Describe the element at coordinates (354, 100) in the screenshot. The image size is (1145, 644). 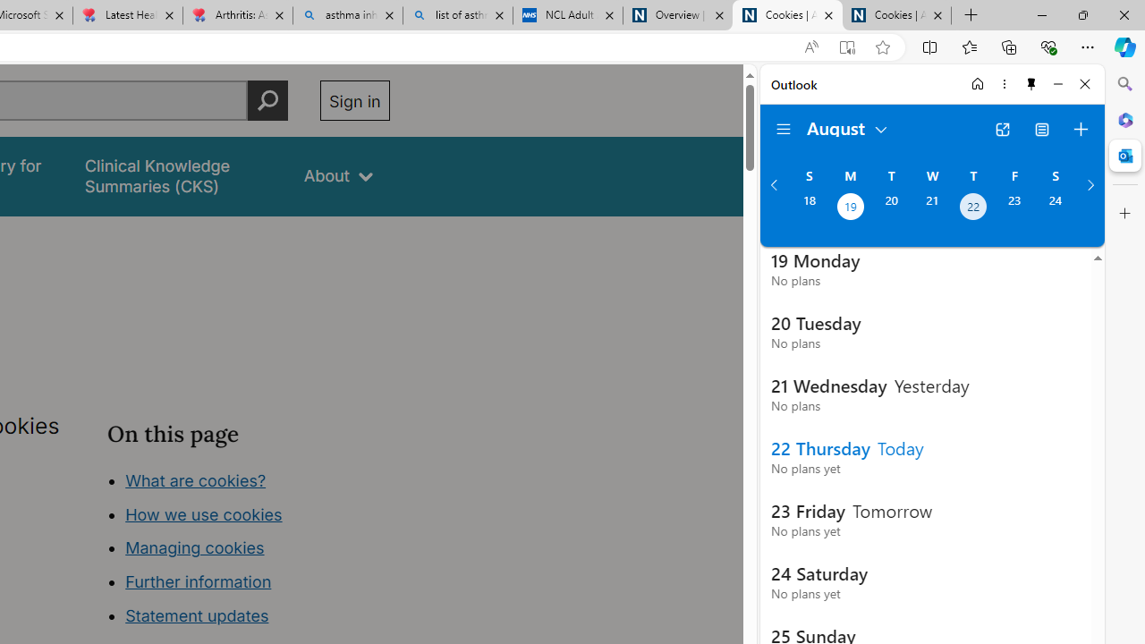
I see `'Sign in'` at that location.